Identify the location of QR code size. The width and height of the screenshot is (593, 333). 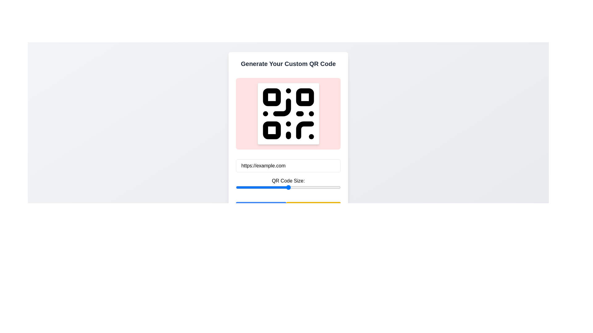
(327, 187).